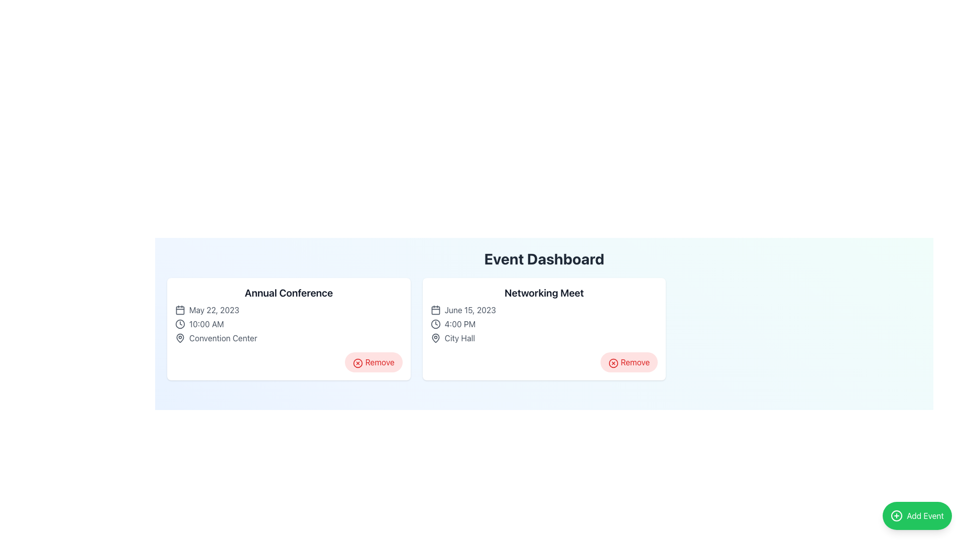 The image size is (964, 542). What do you see at coordinates (435, 338) in the screenshot?
I see `the location icon adjacent to the text 'City Hall' in the 'Networking Meet' event card on the event dashboard` at bounding box center [435, 338].